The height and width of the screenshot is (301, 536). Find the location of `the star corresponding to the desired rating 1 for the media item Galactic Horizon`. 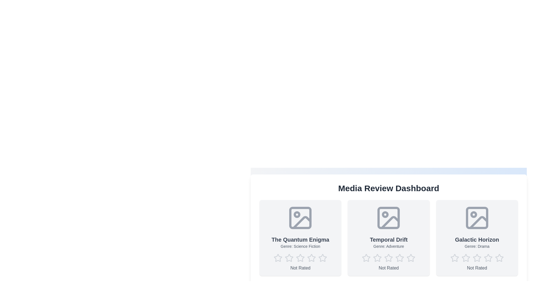

the star corresponding to the desired rating 1 for the media item Galactic Horizon is located at coordinates (454, 258).